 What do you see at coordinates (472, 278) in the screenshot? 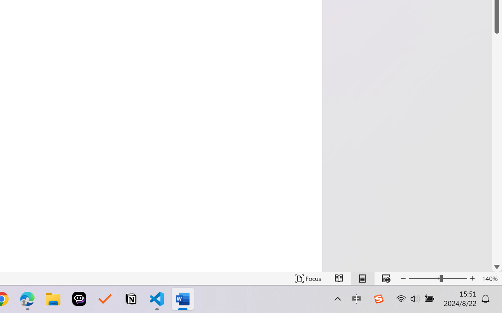
I see `'Zoom In'` at bounding box center [472, 278].